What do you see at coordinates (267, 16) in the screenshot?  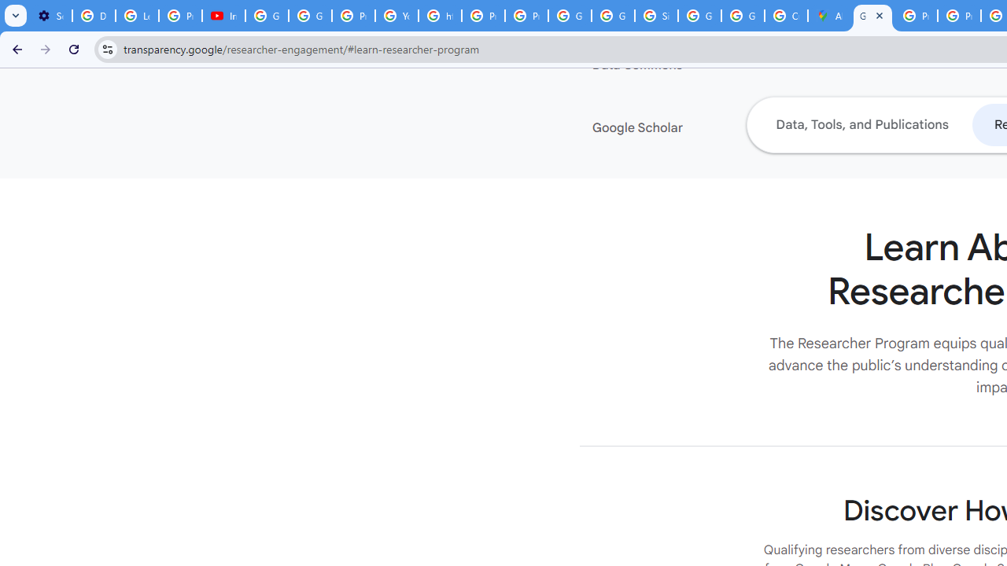 I see `'Google Account Help'` at bounding box center [267, 16].